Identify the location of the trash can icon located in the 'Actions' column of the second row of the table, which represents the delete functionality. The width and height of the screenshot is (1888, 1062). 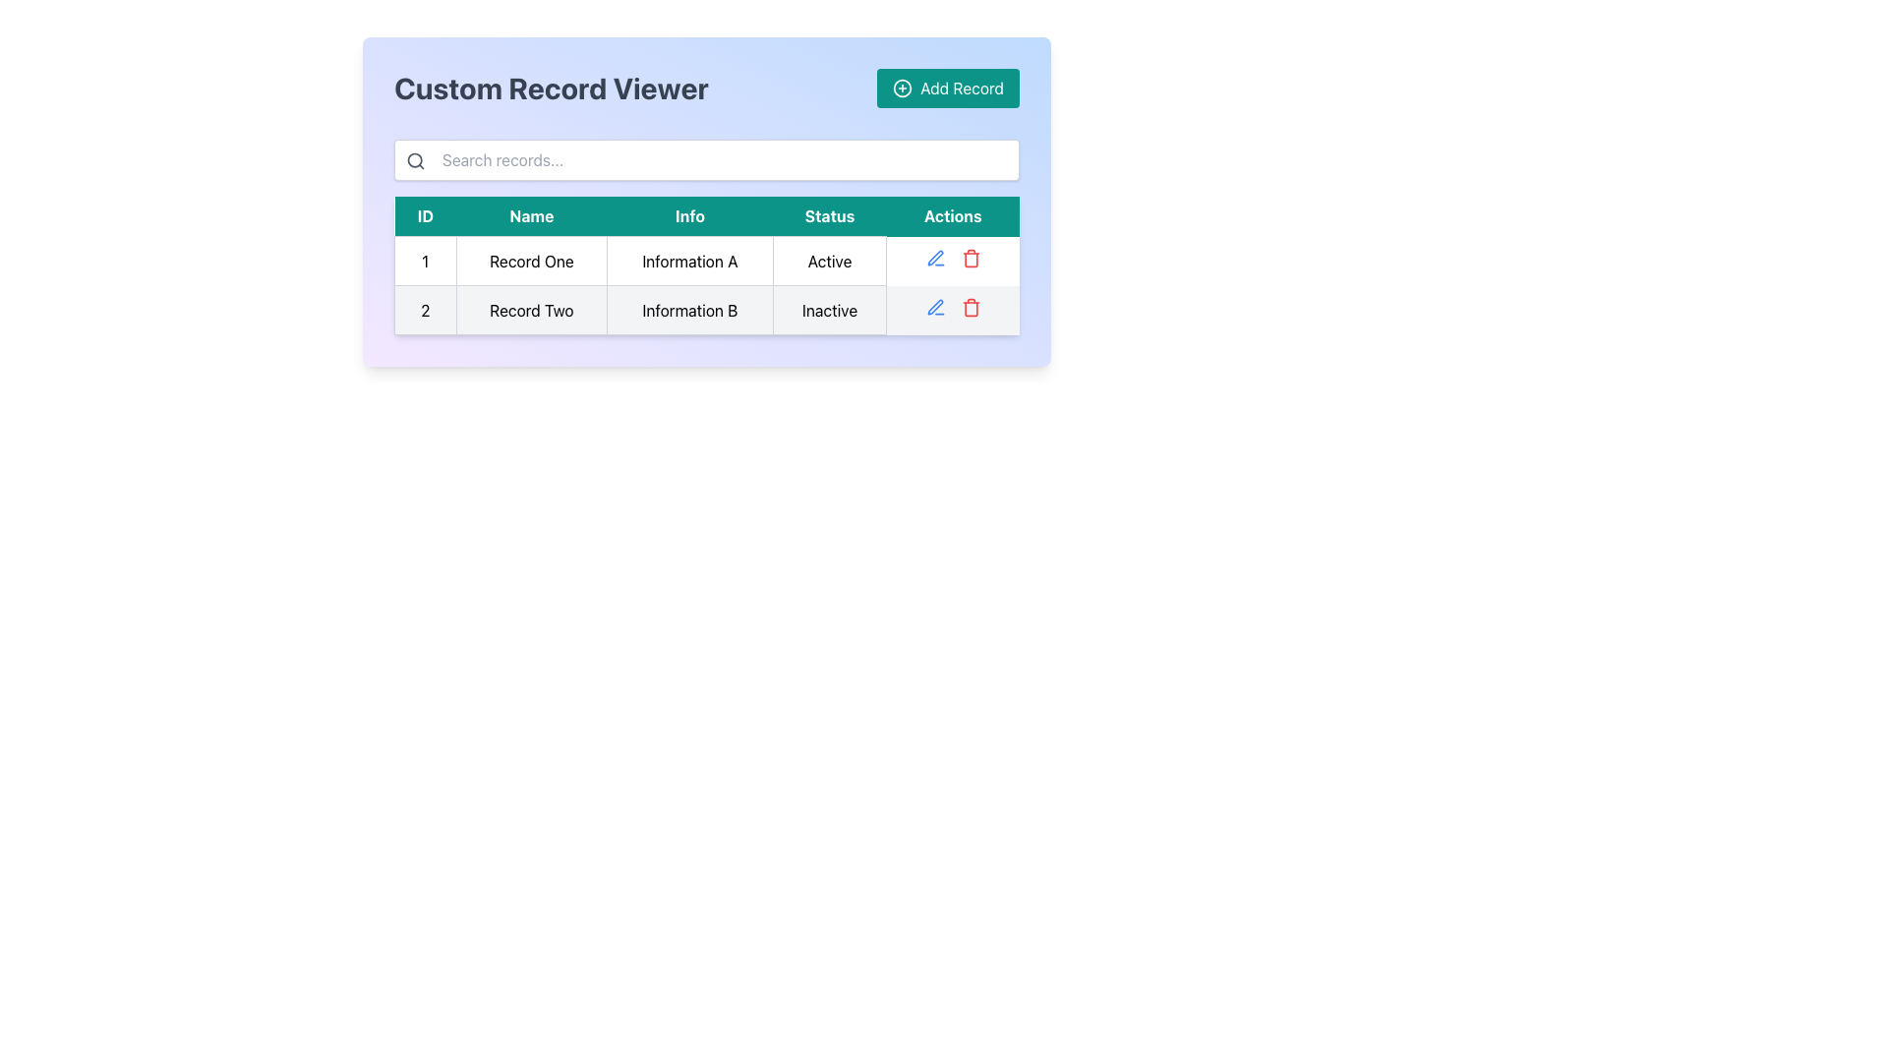
(971, 259).